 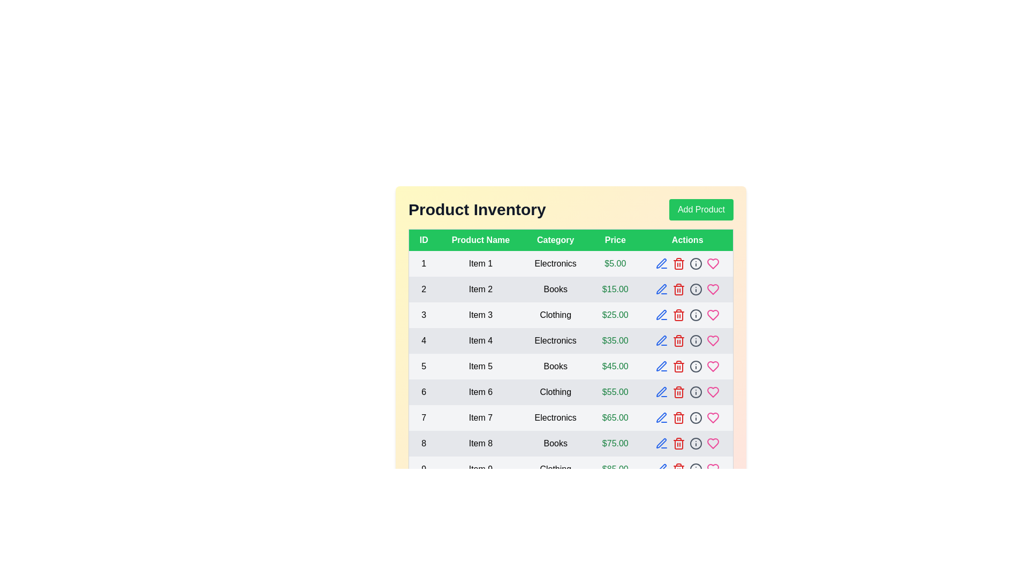 I want to click on the header Actions to sort or filter the table, so click(x=687, y=239).